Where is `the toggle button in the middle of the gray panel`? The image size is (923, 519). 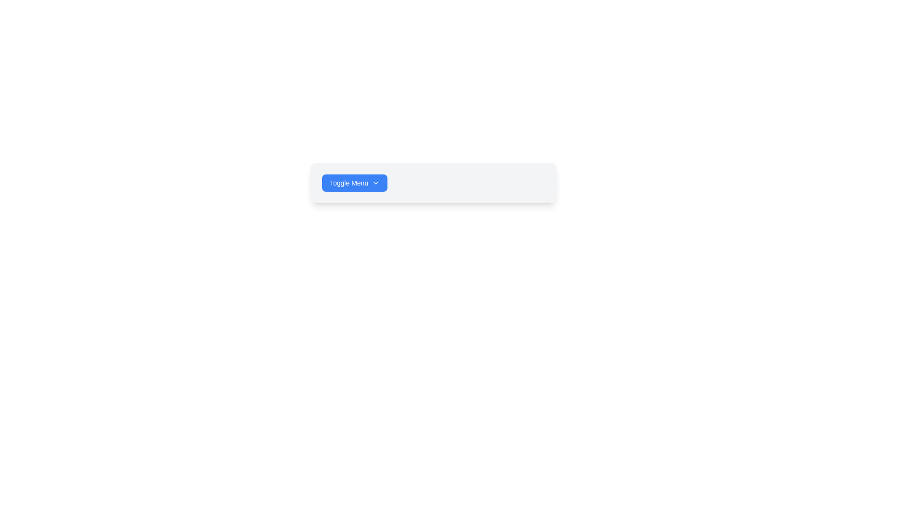 the toggle button in the middle of the gray panel is located at coordinates (354, 183).